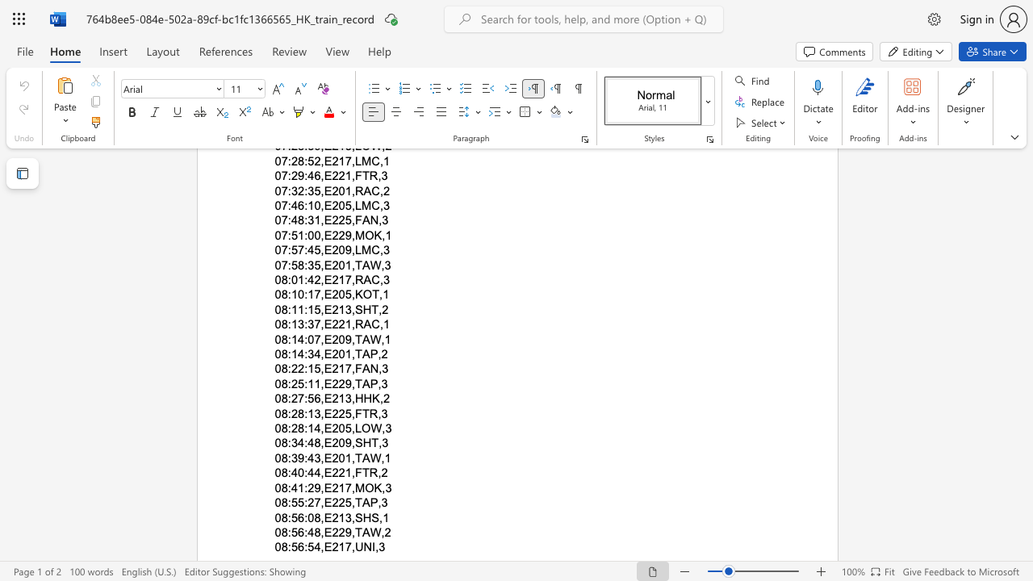 The width and height of the screenshot is (1033, 581). I want to click on the space between the continuous character ":" and "1" in the text, so click(308, 412).